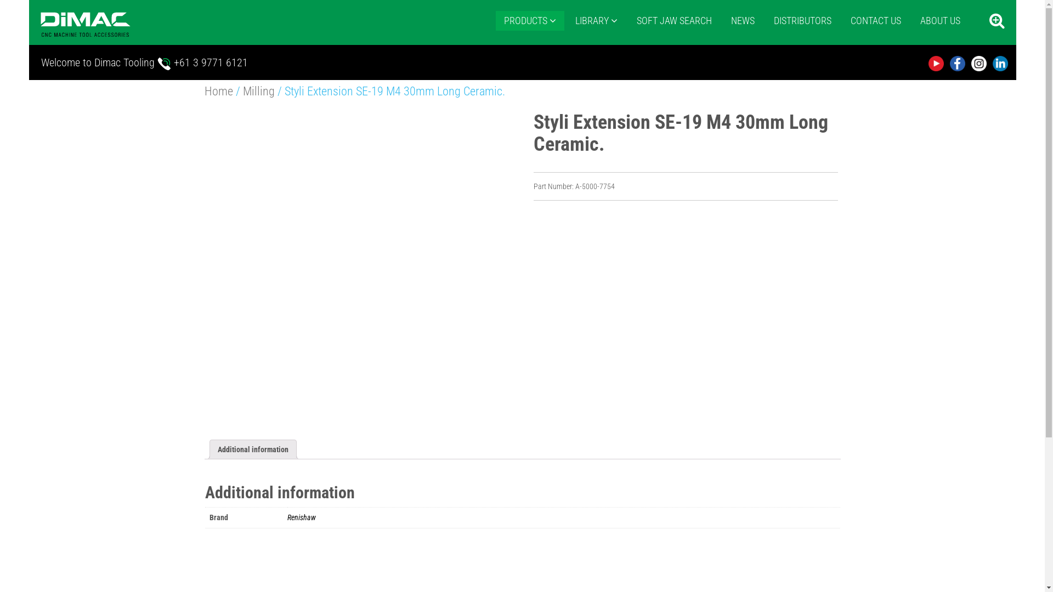 This screenshot has width=1053, height=592. Describe the element at coordinates (939, 21) in the screenshot. I see `'ABOUT US'` at that location.